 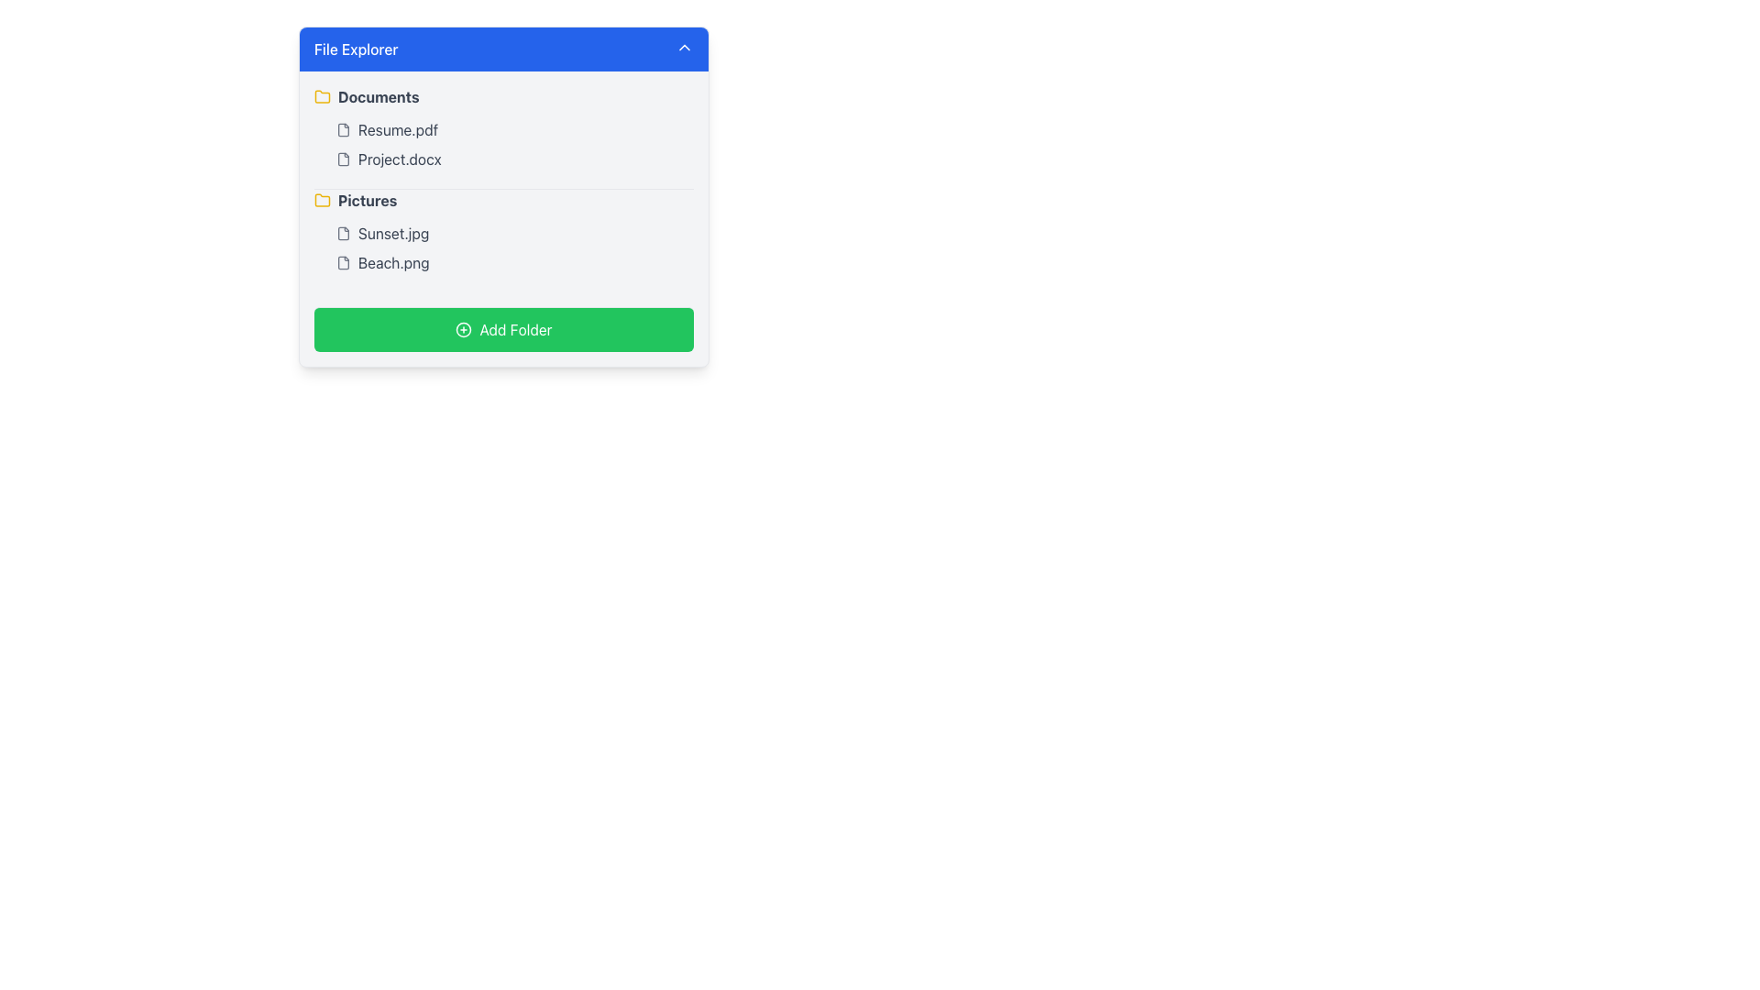 What do you see at coordinates (356, 49) in the screenshot?
I see `the 'File Explorer' text label, which is displayed in white on a blue rectangular background at the top of a card-styled interface` at bounding box center [356, 49].